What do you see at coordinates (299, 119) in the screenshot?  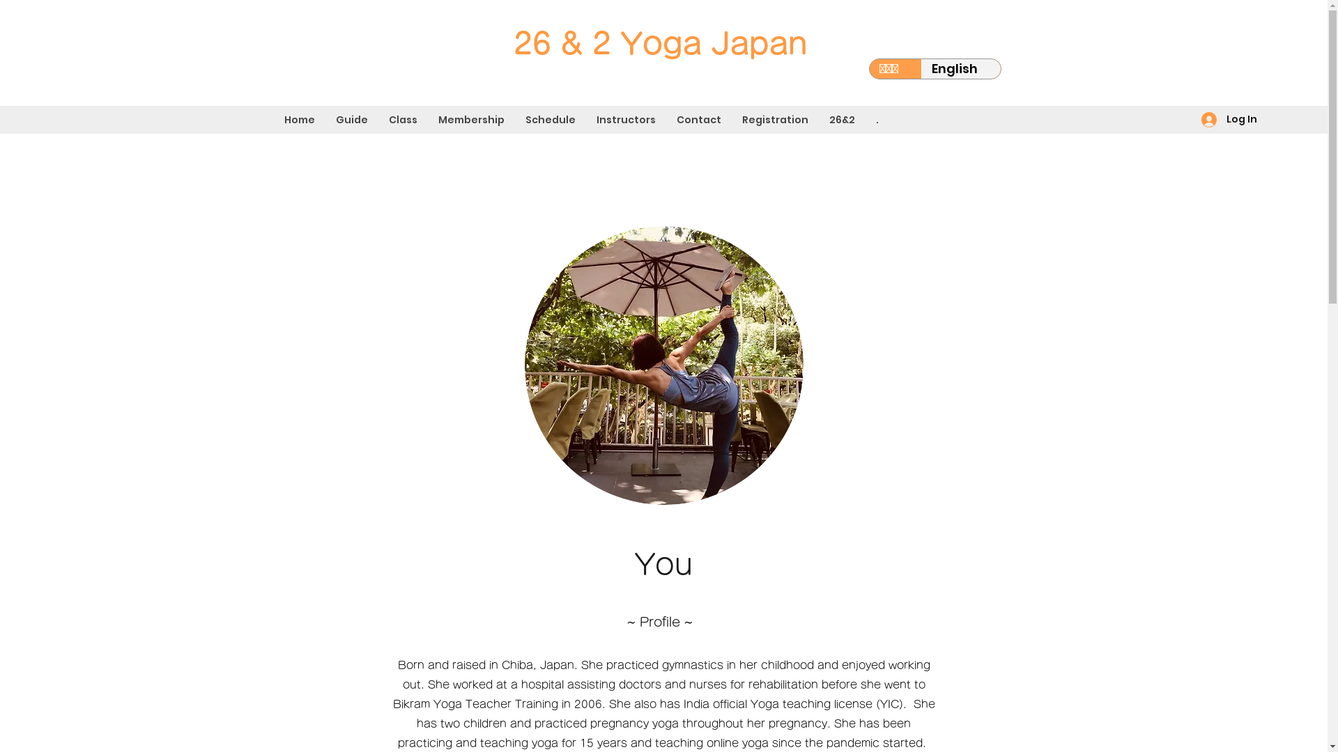 I see `'Home'` at bounding box center [299, 119].